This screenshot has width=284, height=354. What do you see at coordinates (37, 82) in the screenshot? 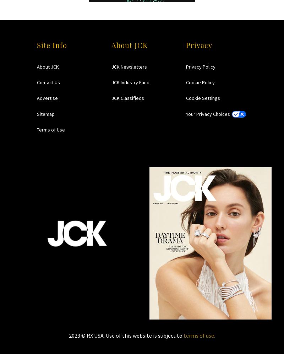
I see `'Contact Us'` at bounding box center [37, 82].